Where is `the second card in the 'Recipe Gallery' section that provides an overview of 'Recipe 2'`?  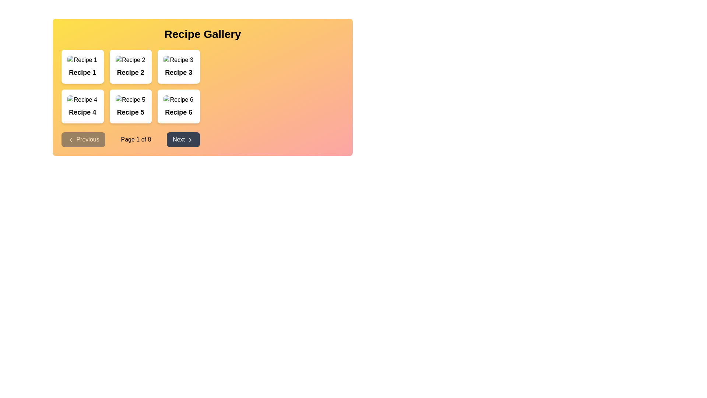
the second card in the 'Recipe Gallery' section that provides an overview of 'Recipe 2' is located at coordinates (130, 67).